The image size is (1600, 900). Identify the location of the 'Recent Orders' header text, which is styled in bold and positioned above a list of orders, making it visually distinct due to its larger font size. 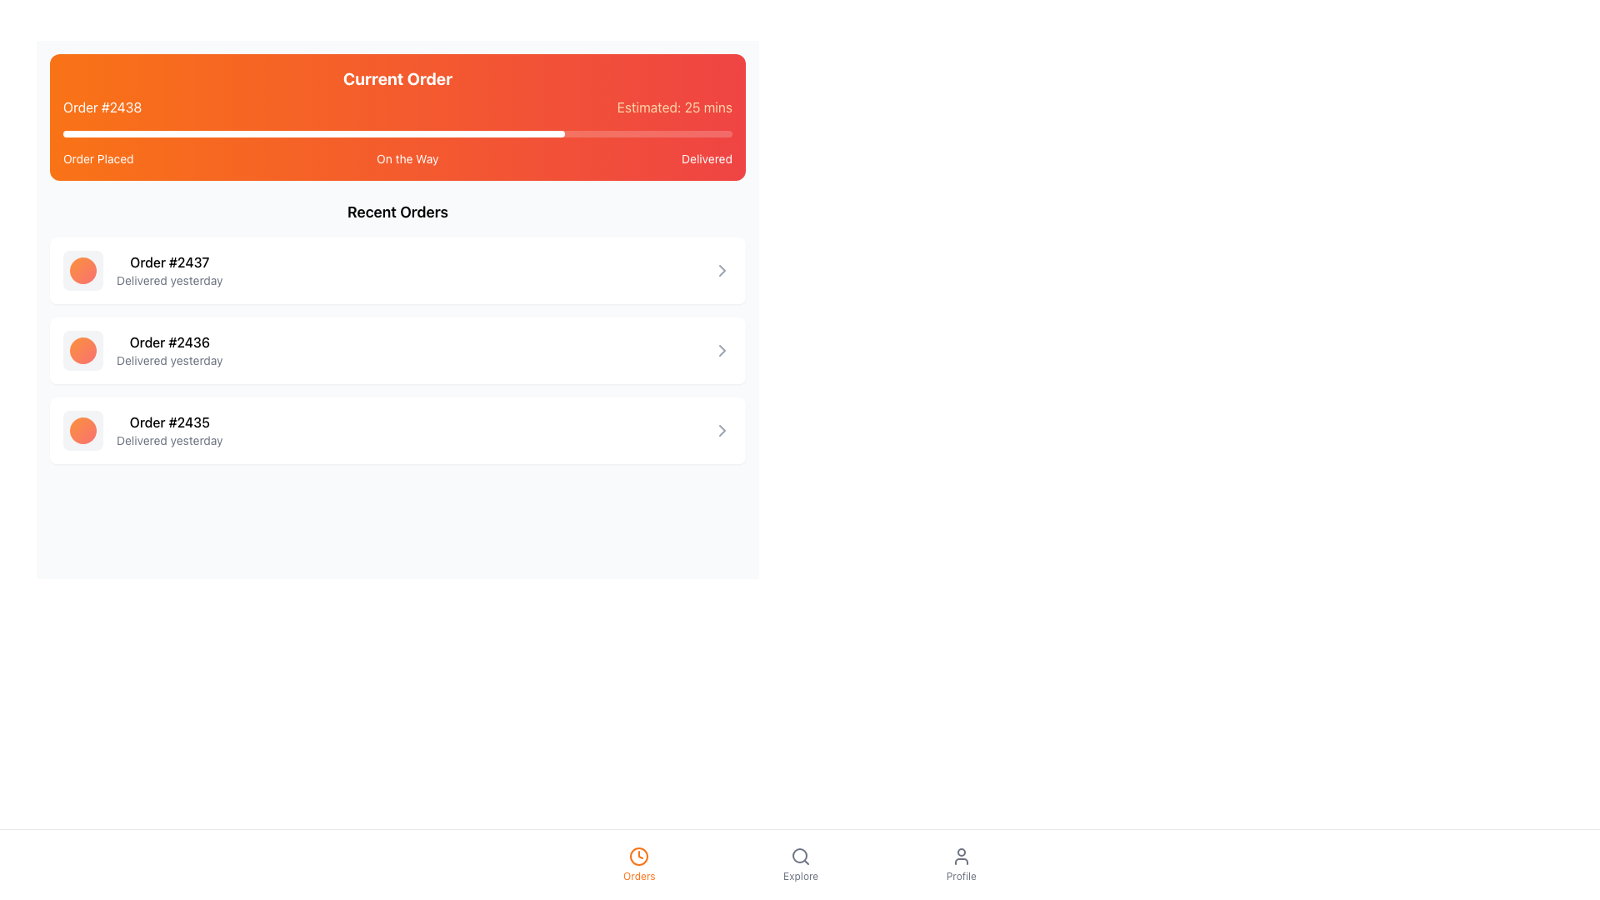
(397, 211).